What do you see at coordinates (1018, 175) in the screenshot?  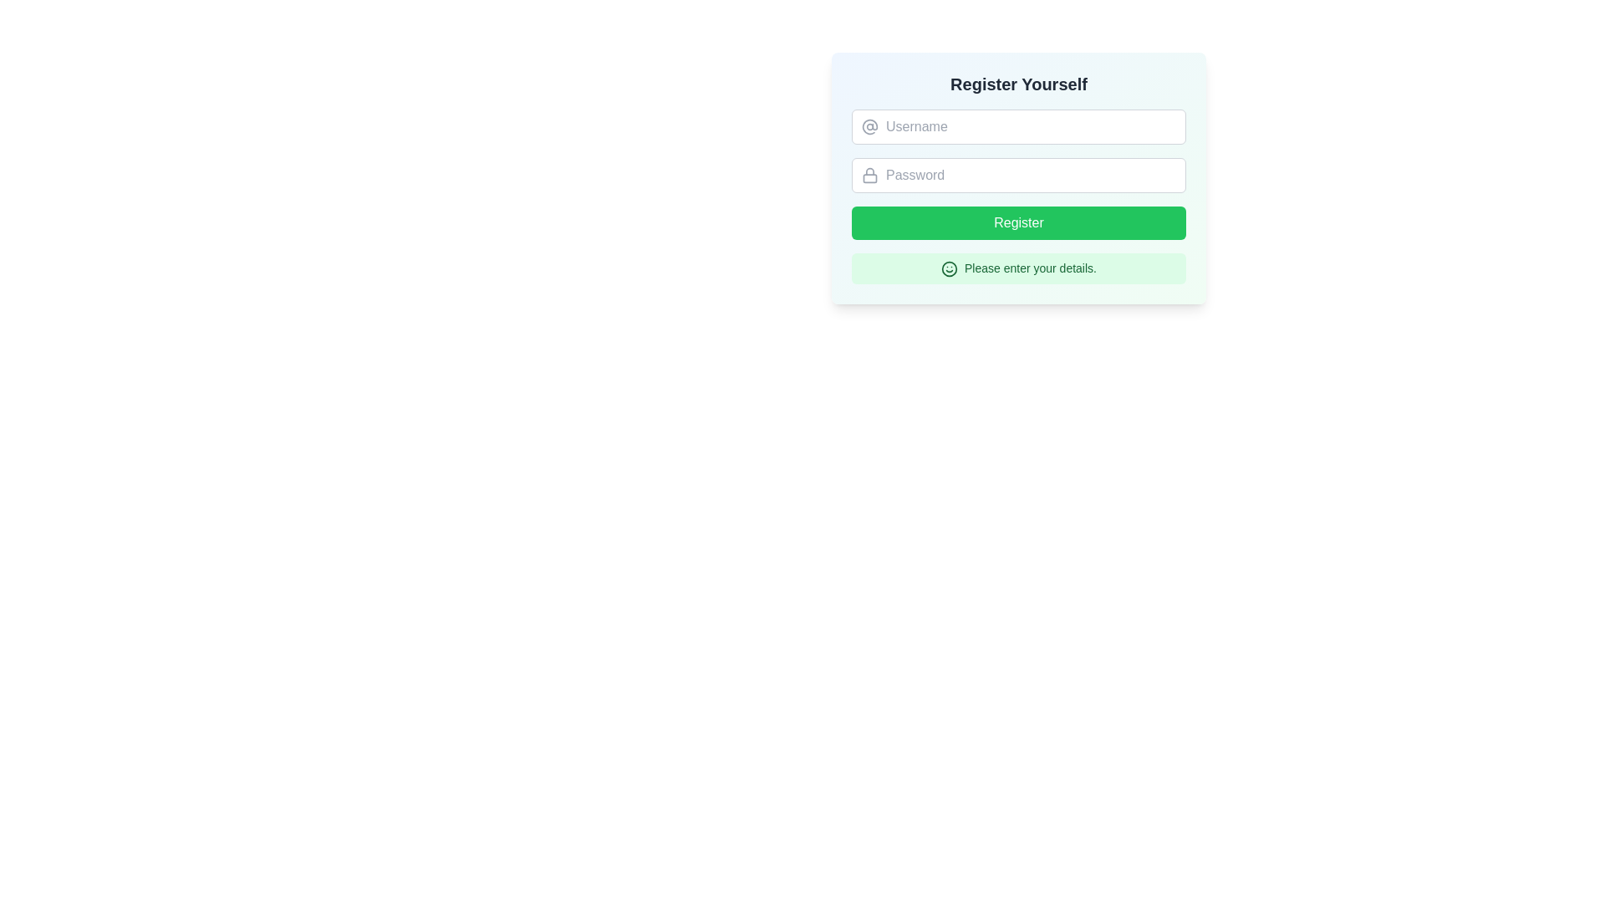 I see `the password input field located directly below the Username field and above the Register button` at bounding box center [1018, 175].